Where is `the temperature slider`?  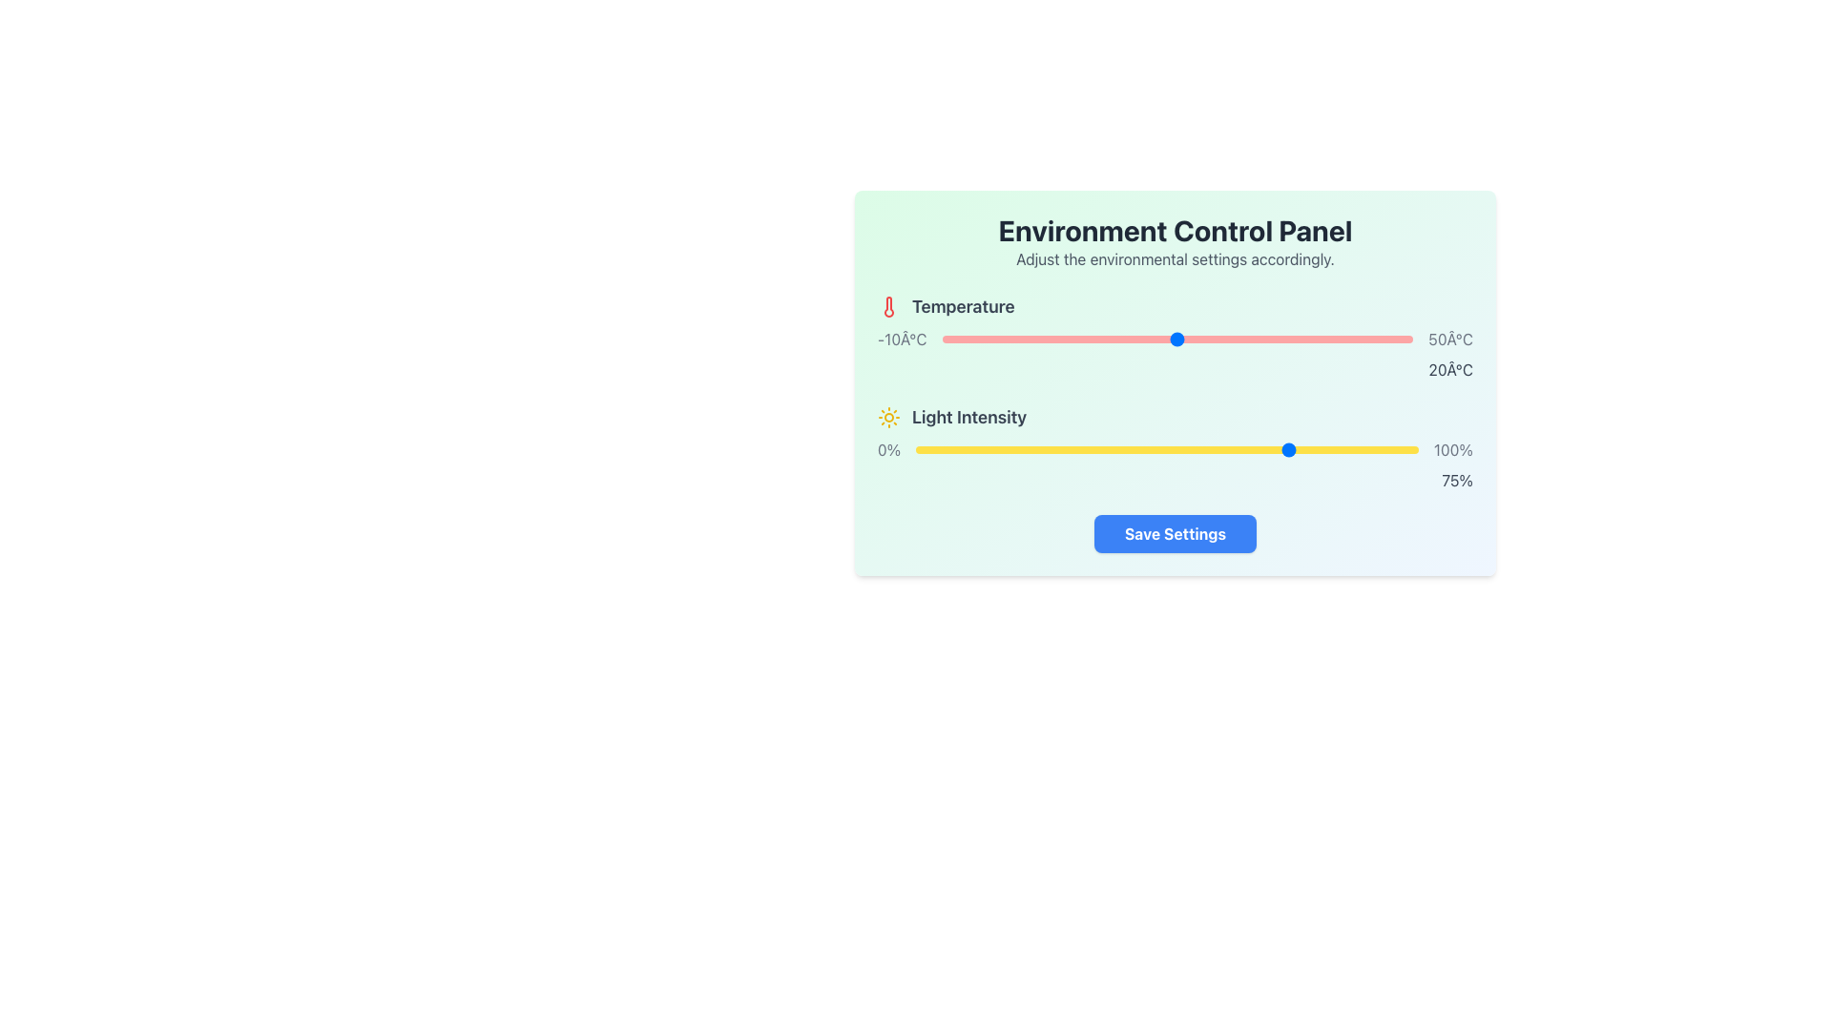 the temperature slider is located at coordinates (1122, 338).